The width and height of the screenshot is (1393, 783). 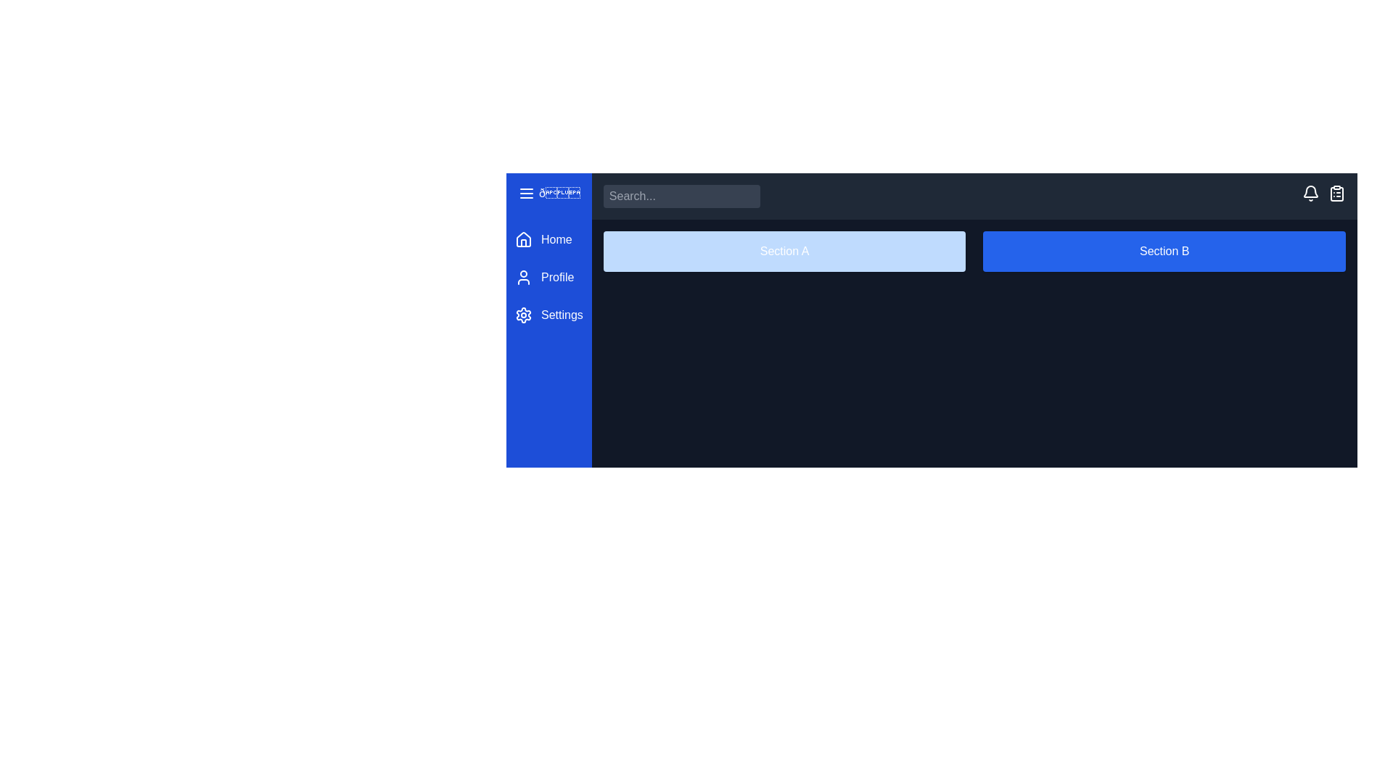 I want to click on the 'Home' navigation menu entry with a blue background and a white house icon, so click(x=548, y=239).